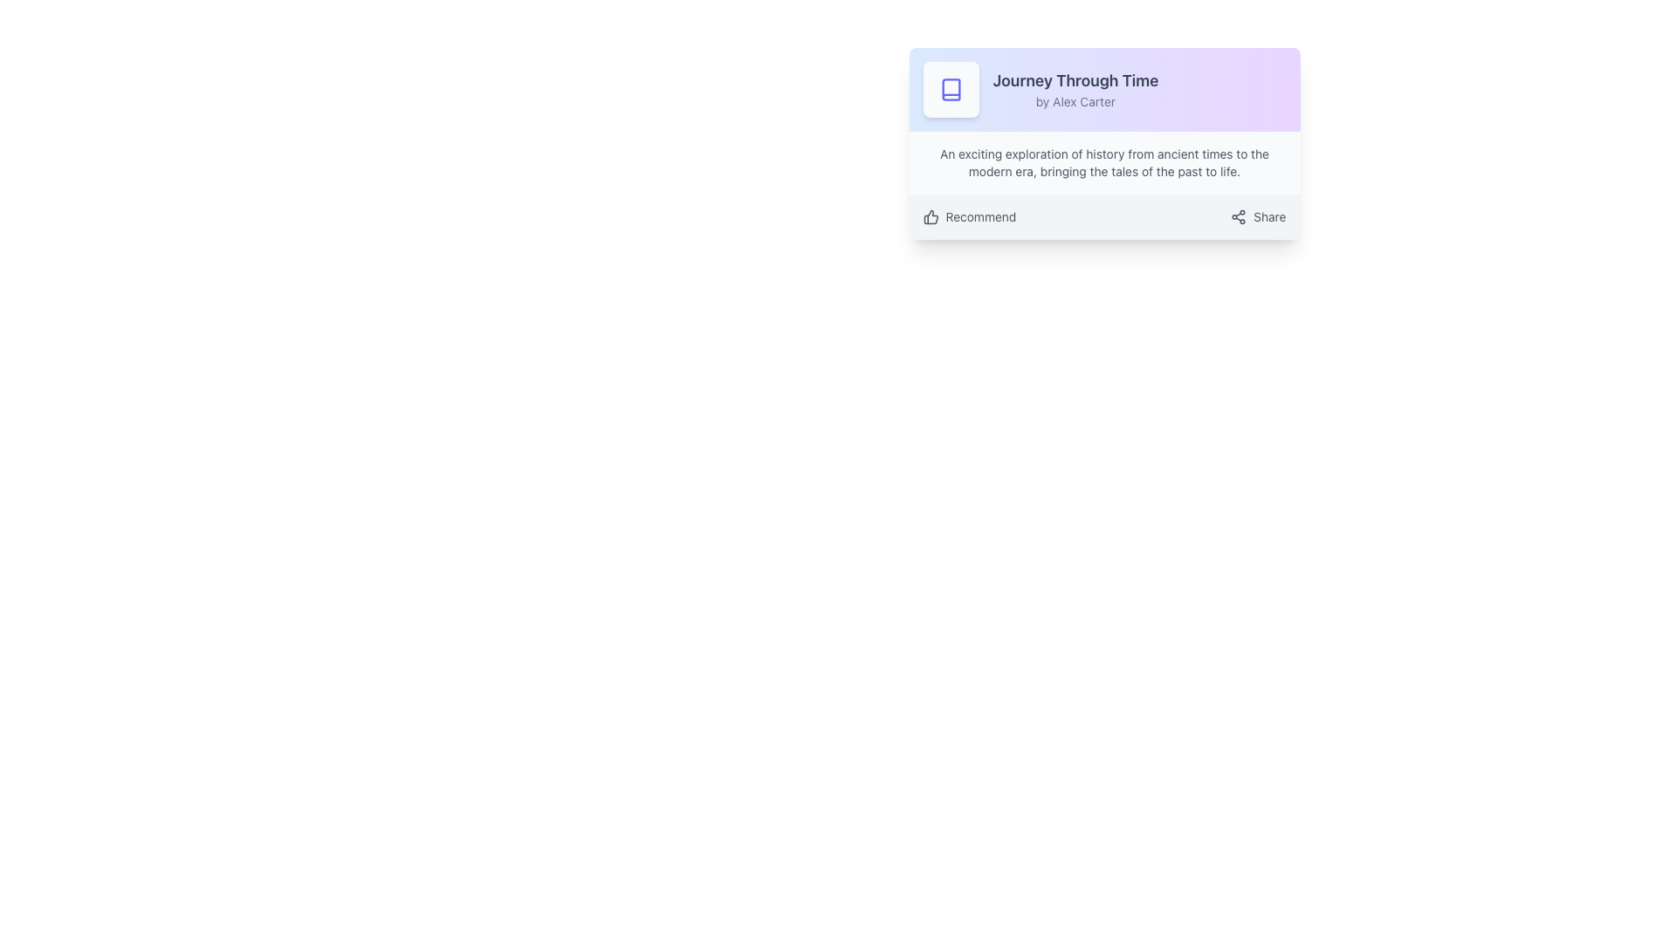 This screenshot has height=942, width=1676. Describe the element at coordinates (930, 216) in the screenshot. I see `the outlined thumbs-up icon located on the left side of the 'Recommend' text group at the bottom-left of the card layout` at that location.